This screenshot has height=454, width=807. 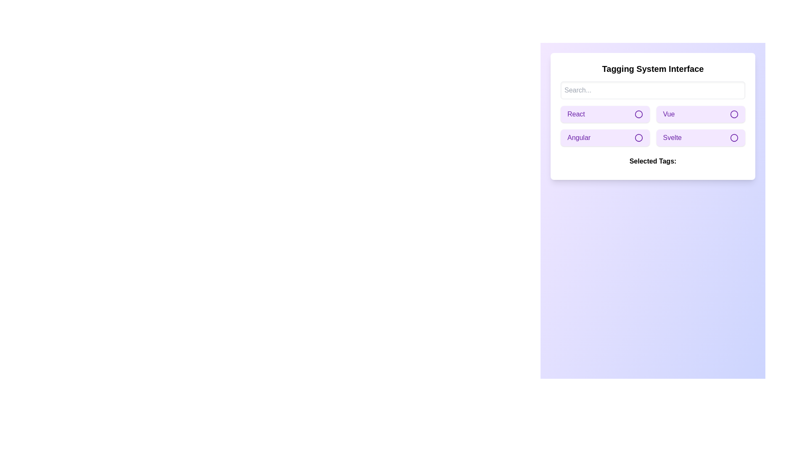 What do you see at coordinates (734, 114) in the screenshot?
I see `the circular graphical element associated with the 'Vue' label in the tag selection system` at bounding box center [734, 114].